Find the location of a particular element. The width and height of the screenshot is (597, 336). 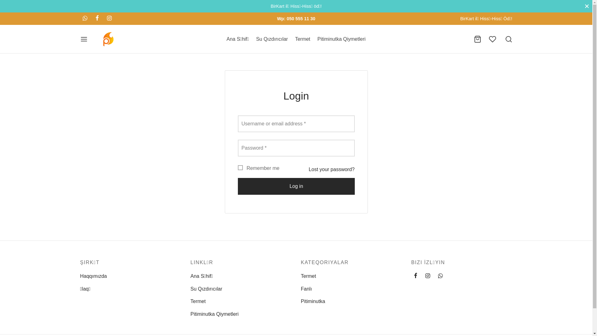

'Pitiminutka' is located at coordinates (313, 301).